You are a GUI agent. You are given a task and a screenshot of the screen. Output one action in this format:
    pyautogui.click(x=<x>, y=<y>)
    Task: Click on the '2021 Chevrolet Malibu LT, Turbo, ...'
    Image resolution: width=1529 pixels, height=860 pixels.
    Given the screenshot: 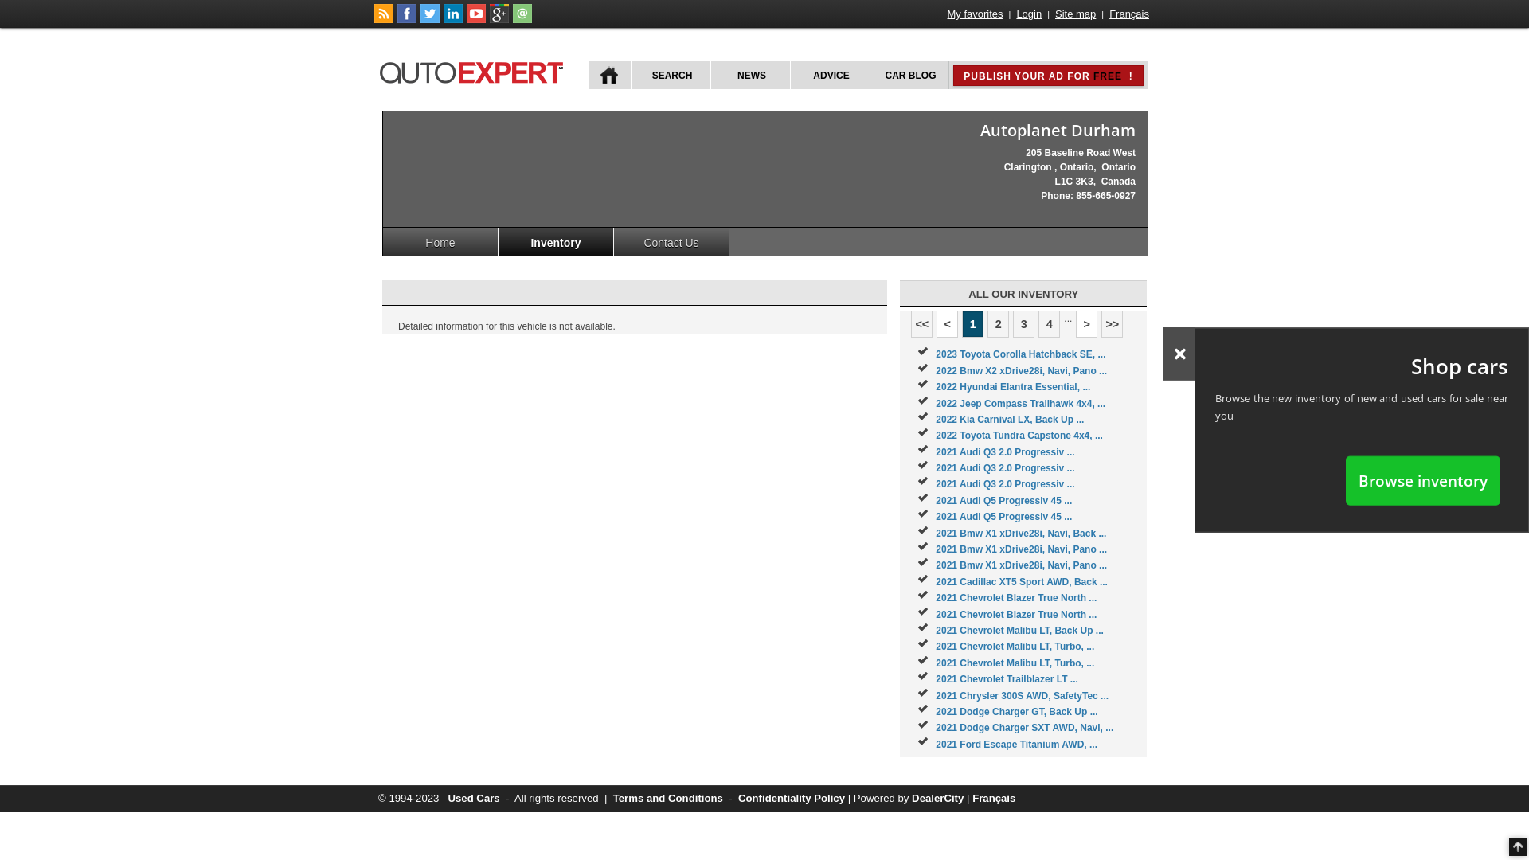 What is the action you would take?
    pyautogui.click(x=1014, y=663)
    